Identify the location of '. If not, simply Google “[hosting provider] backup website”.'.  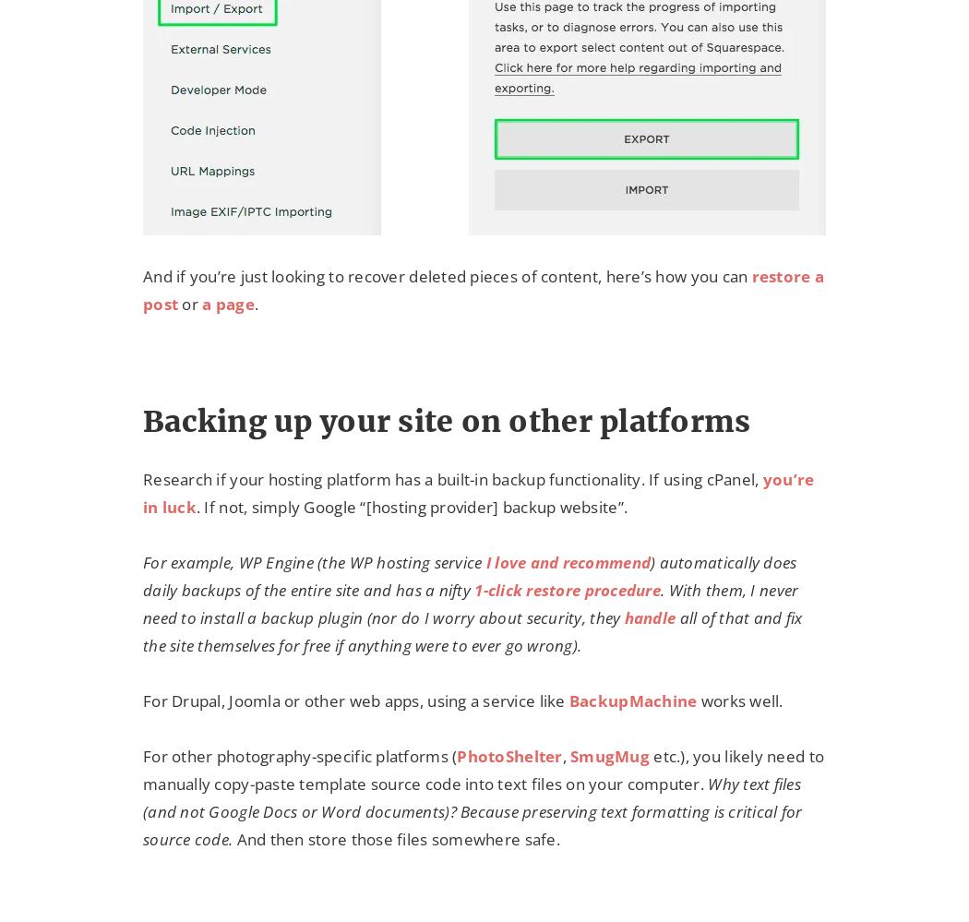
(194, 506).